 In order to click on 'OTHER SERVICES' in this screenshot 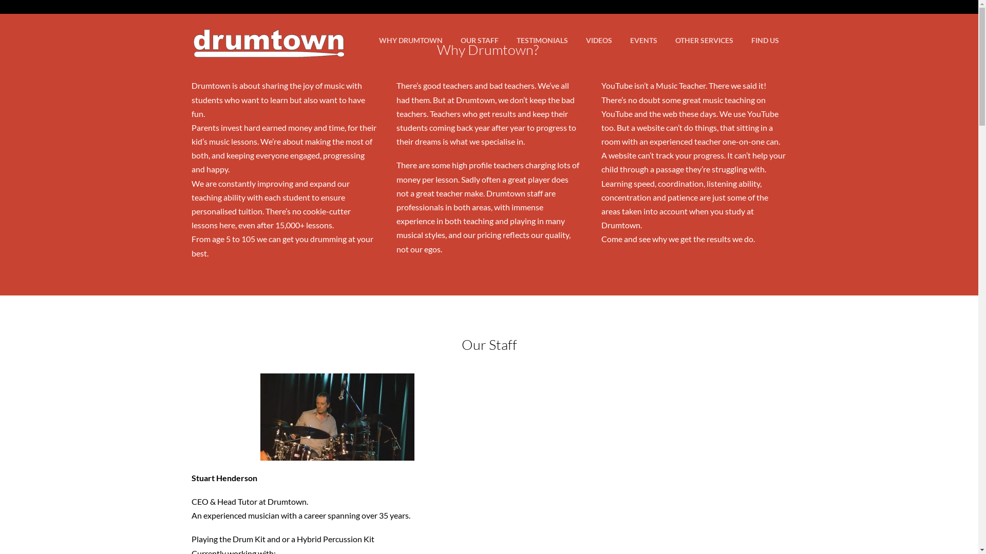, I will do `click(703, 40)`.